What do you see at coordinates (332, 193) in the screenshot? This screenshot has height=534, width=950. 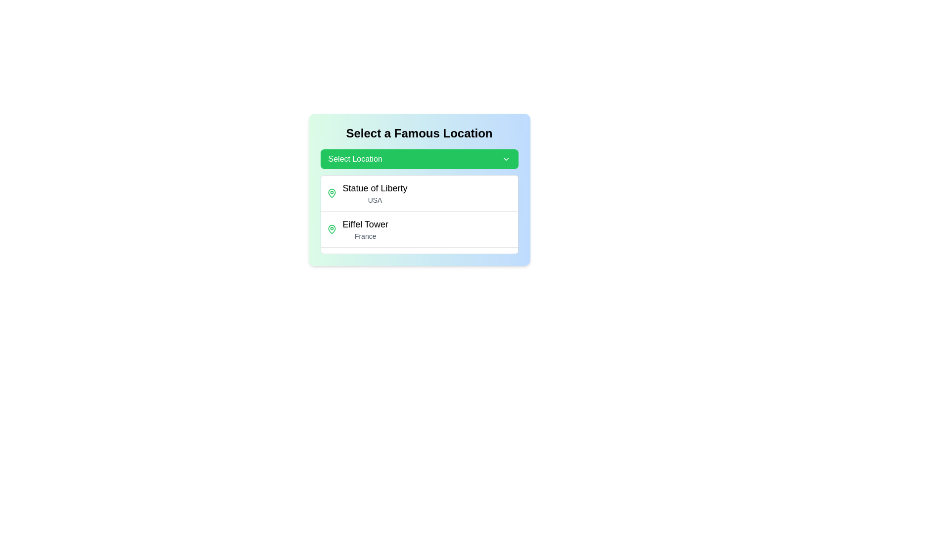 I see `the green map pin icon located beneath the text 'Eiffel Tower', which is the second map pin in a vertical list of location markers` at bounding box center [332, 193].